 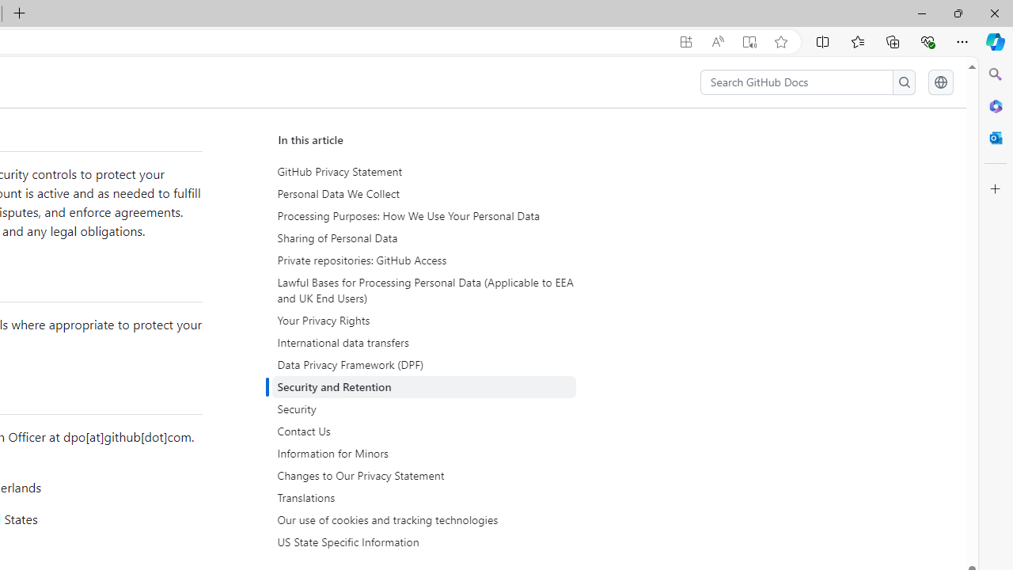 I want to click on 'Processing Purposes: How We Use Your Personal Data', so click(x=426, y=216).